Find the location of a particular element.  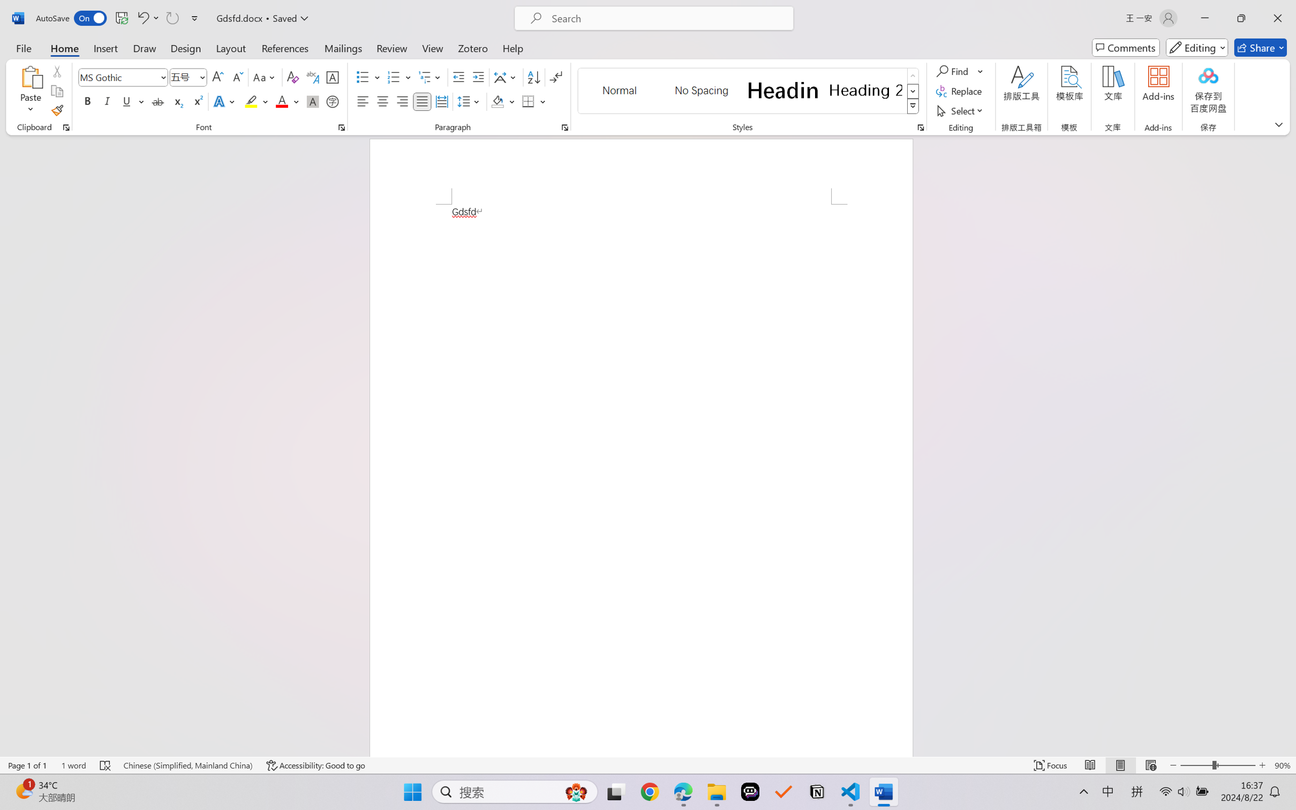

'Can' is located at coordinates (171, 18).